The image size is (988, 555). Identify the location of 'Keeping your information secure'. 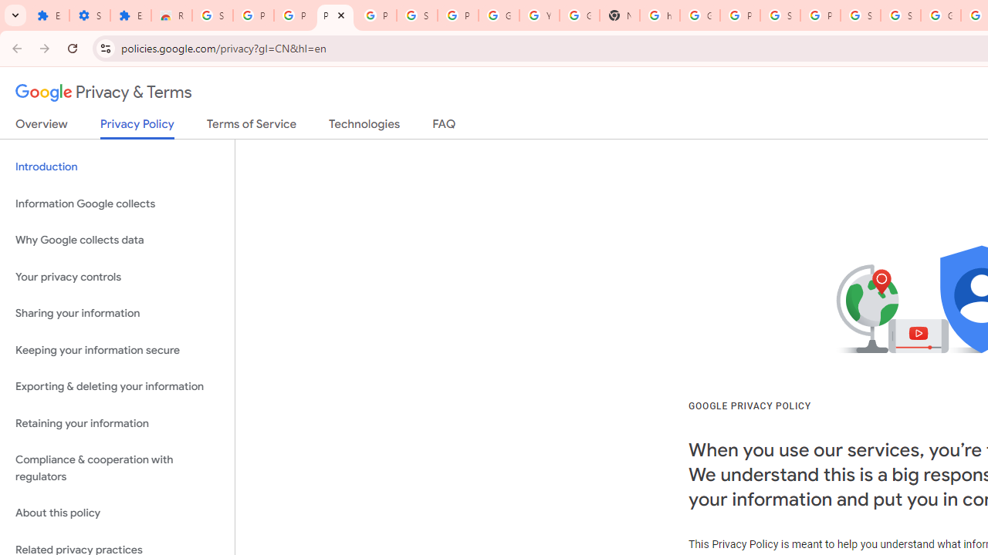
(117, 350).